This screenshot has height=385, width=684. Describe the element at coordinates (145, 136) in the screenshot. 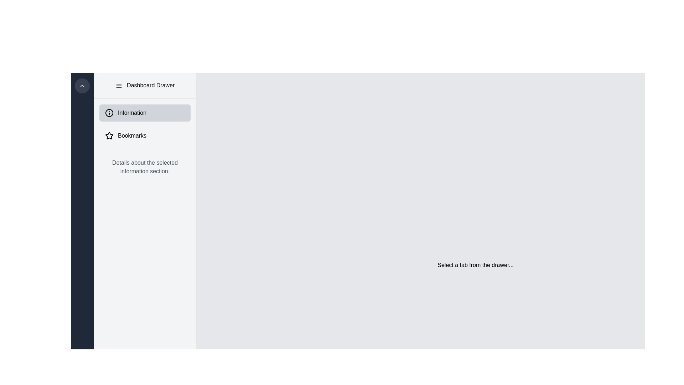

I see `the button that serves as a navigation item for bookmarks, located directly below the 'Information' option in the sidebar menu` at that location.